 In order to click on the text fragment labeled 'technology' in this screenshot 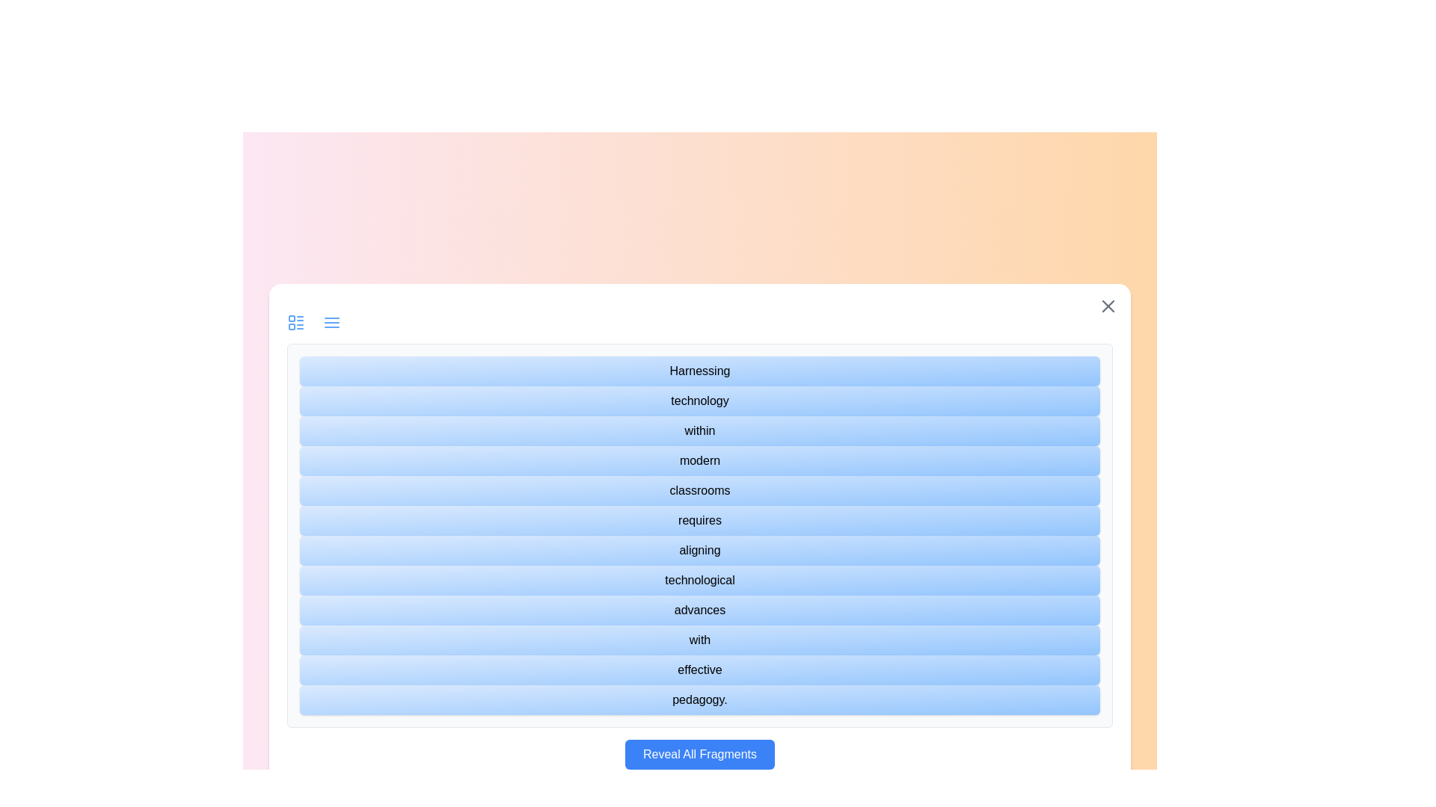, I will do `click(699, 400)`.